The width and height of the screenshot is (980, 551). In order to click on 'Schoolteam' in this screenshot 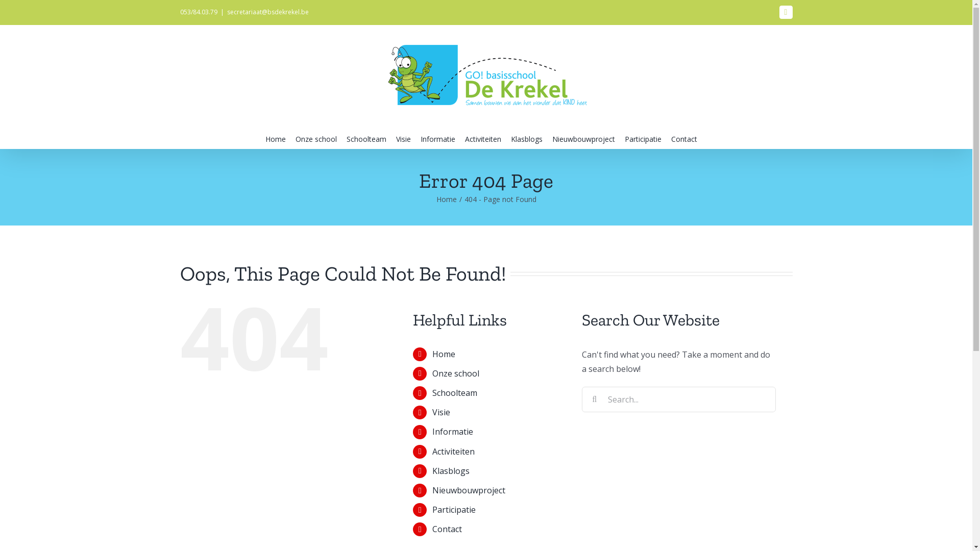, I will do `click(366, 138)`.